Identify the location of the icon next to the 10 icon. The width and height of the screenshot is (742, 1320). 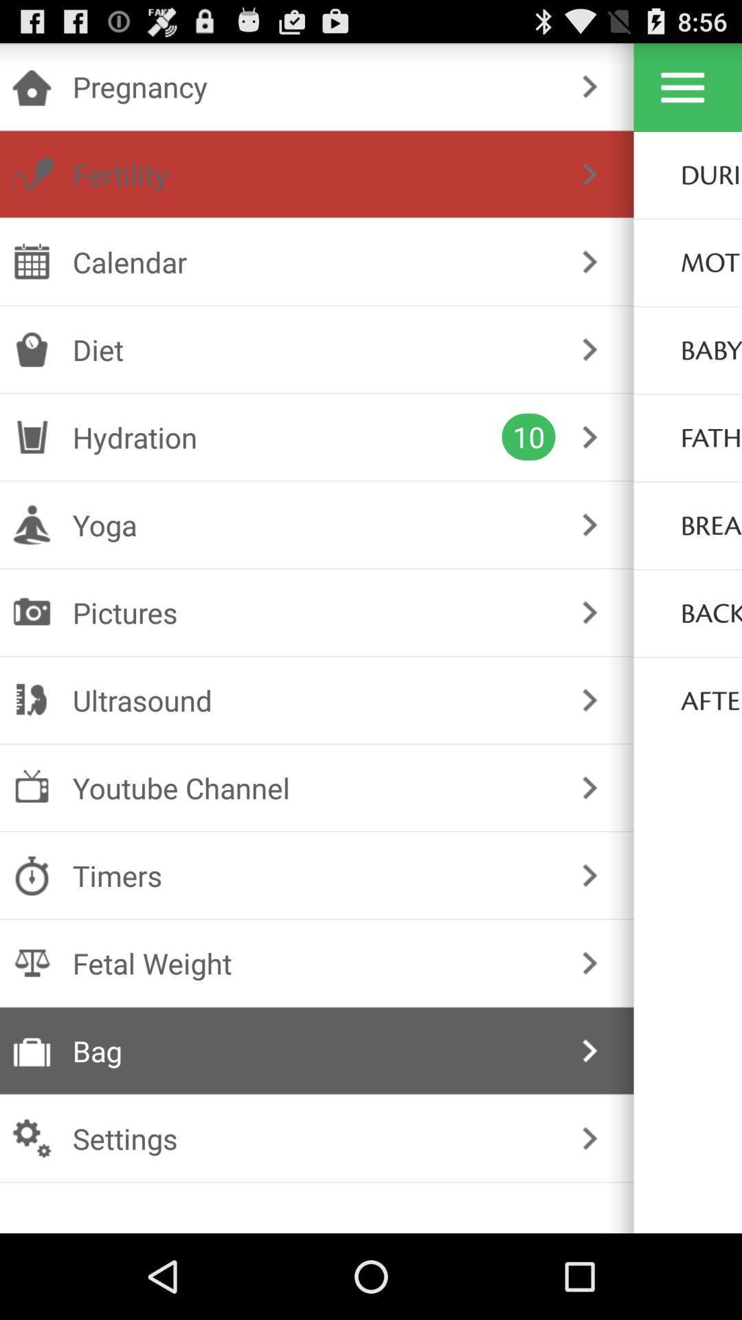
(286, 436).